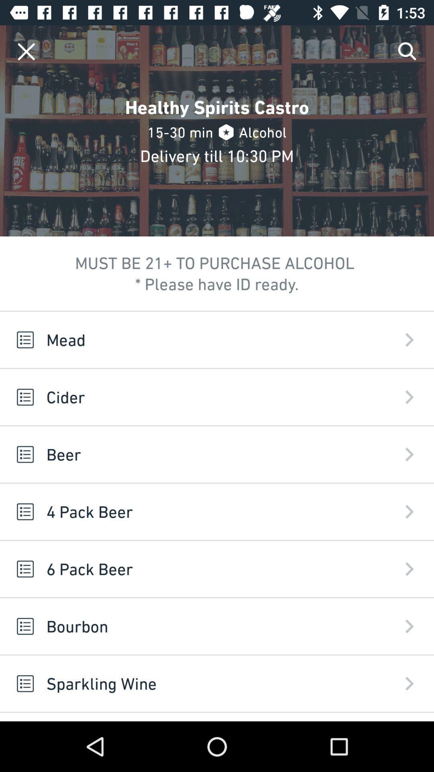  I want to click on close, so click(26, 51).